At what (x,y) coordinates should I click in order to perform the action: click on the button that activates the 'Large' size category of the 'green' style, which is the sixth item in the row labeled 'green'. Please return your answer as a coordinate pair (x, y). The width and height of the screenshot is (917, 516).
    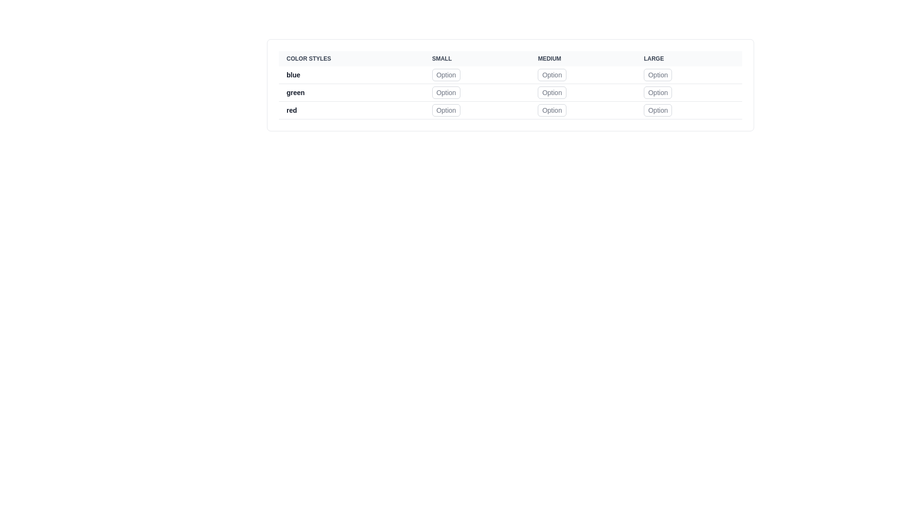
    Looking at the image, I should click on (689, 92).